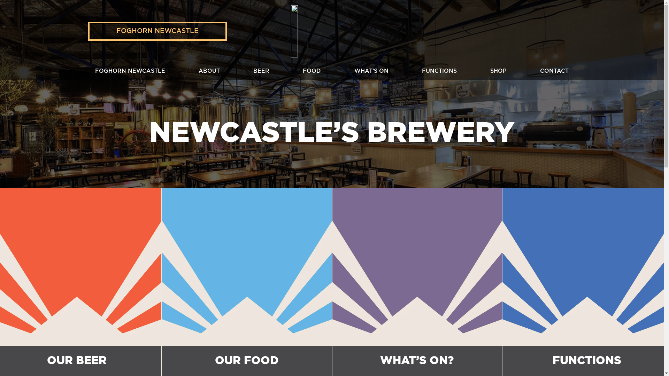  Describe the element at coordinates (209, 71) in the screenshot. I see `'ABOUT'` at that location.